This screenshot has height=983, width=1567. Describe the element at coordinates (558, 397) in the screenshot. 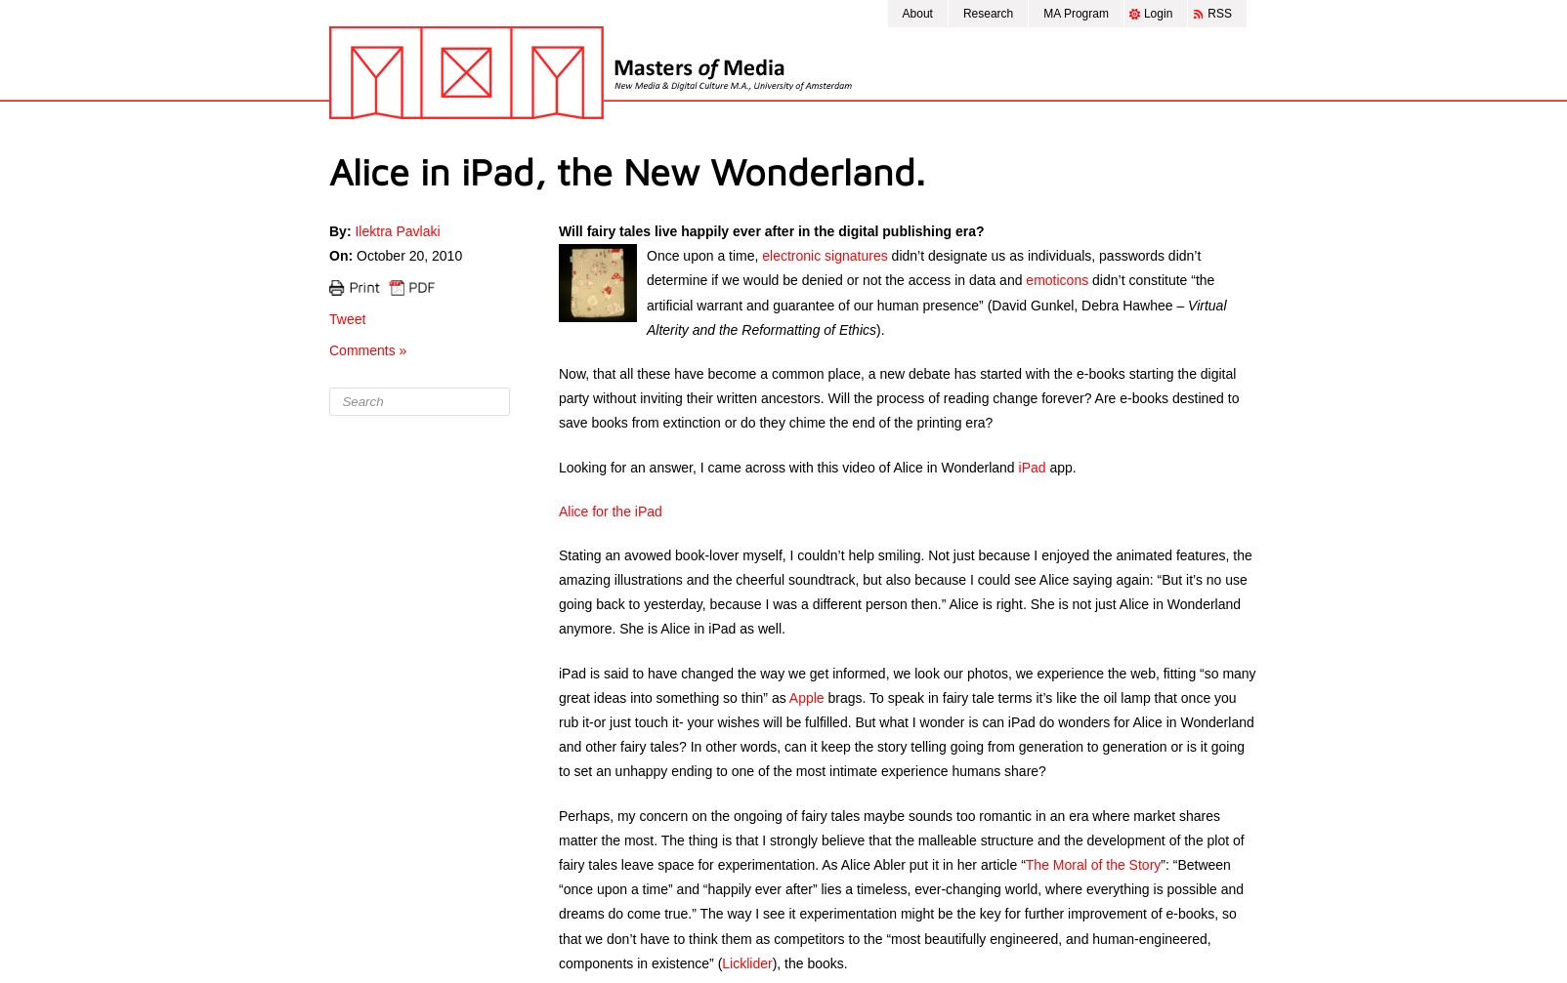

I see `'Now, that all these have become a common place, a new debate has started with the e-books starting the digital party without inviting their written ancestors. Will the process of reading change forever? Are e-books destined to save books from extinction or do they chime the end of the printing era?'` at that location.